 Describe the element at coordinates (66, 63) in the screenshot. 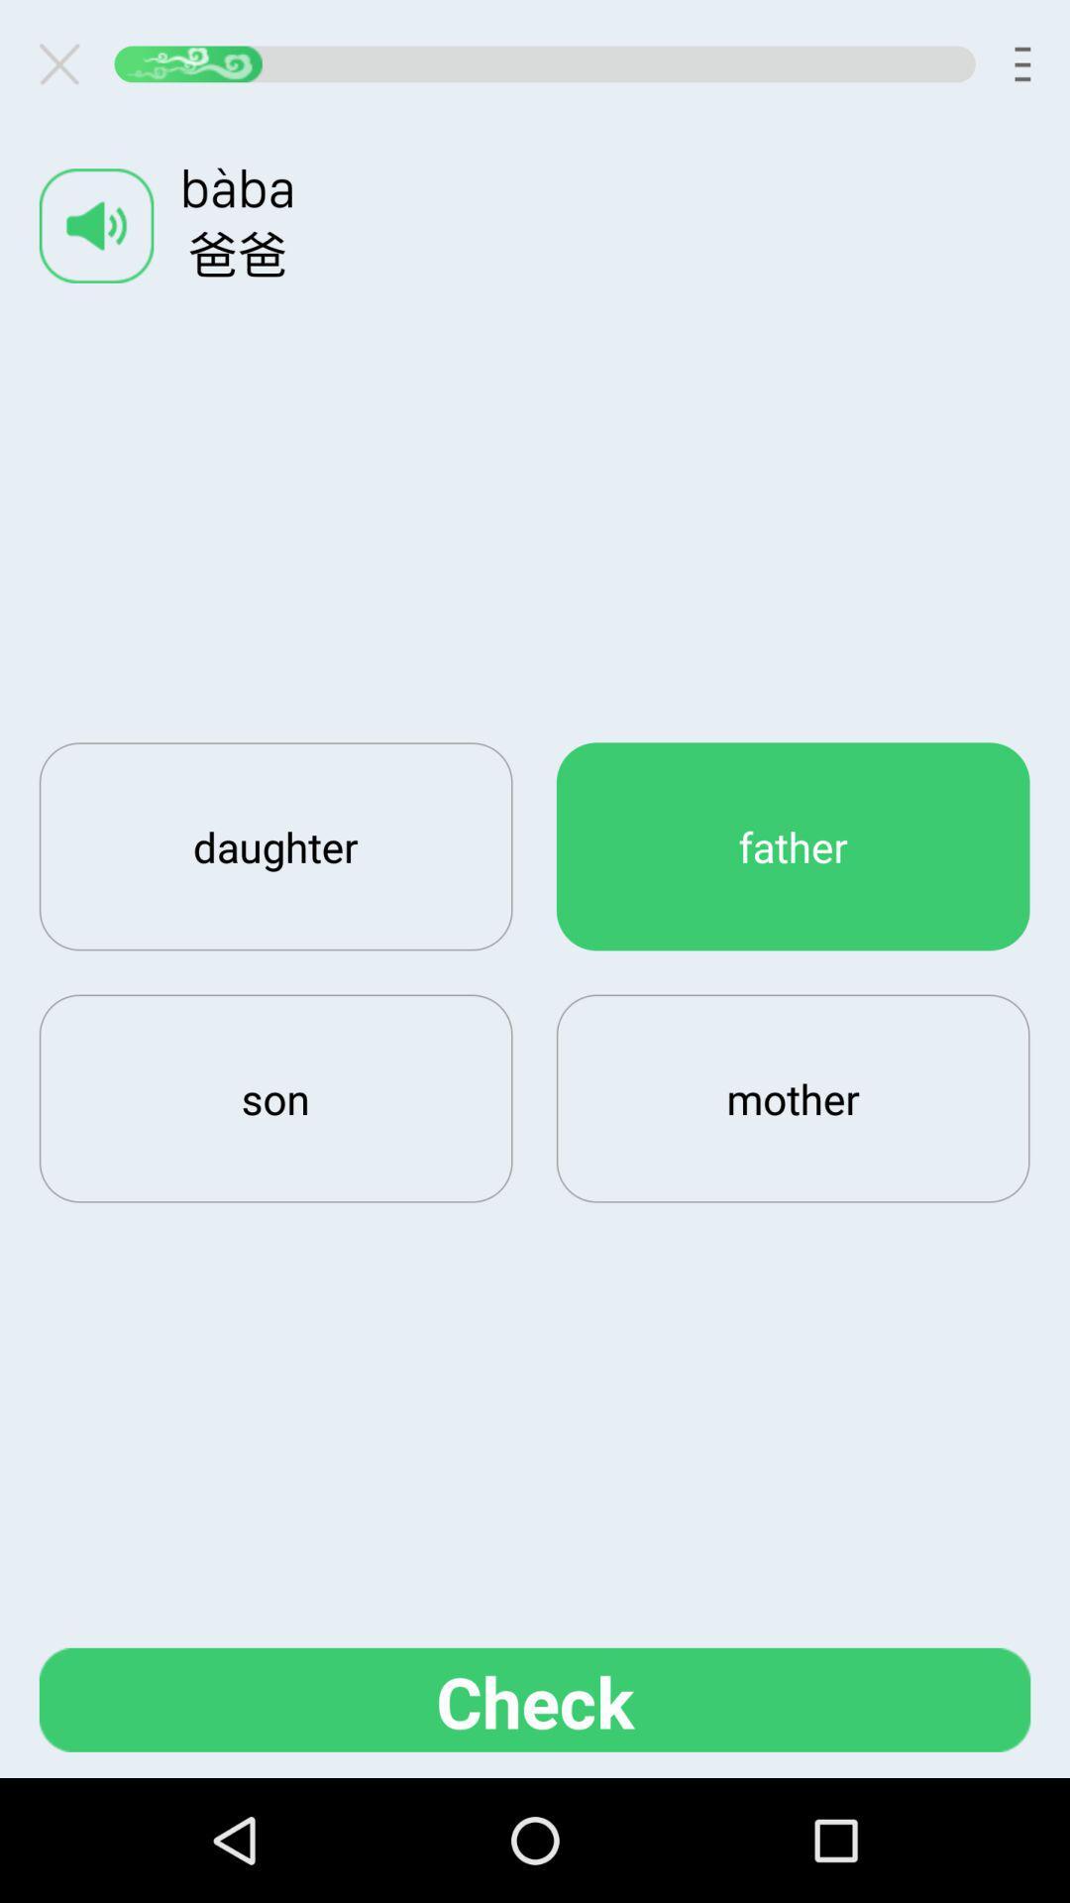

I see `cancel` at that location.